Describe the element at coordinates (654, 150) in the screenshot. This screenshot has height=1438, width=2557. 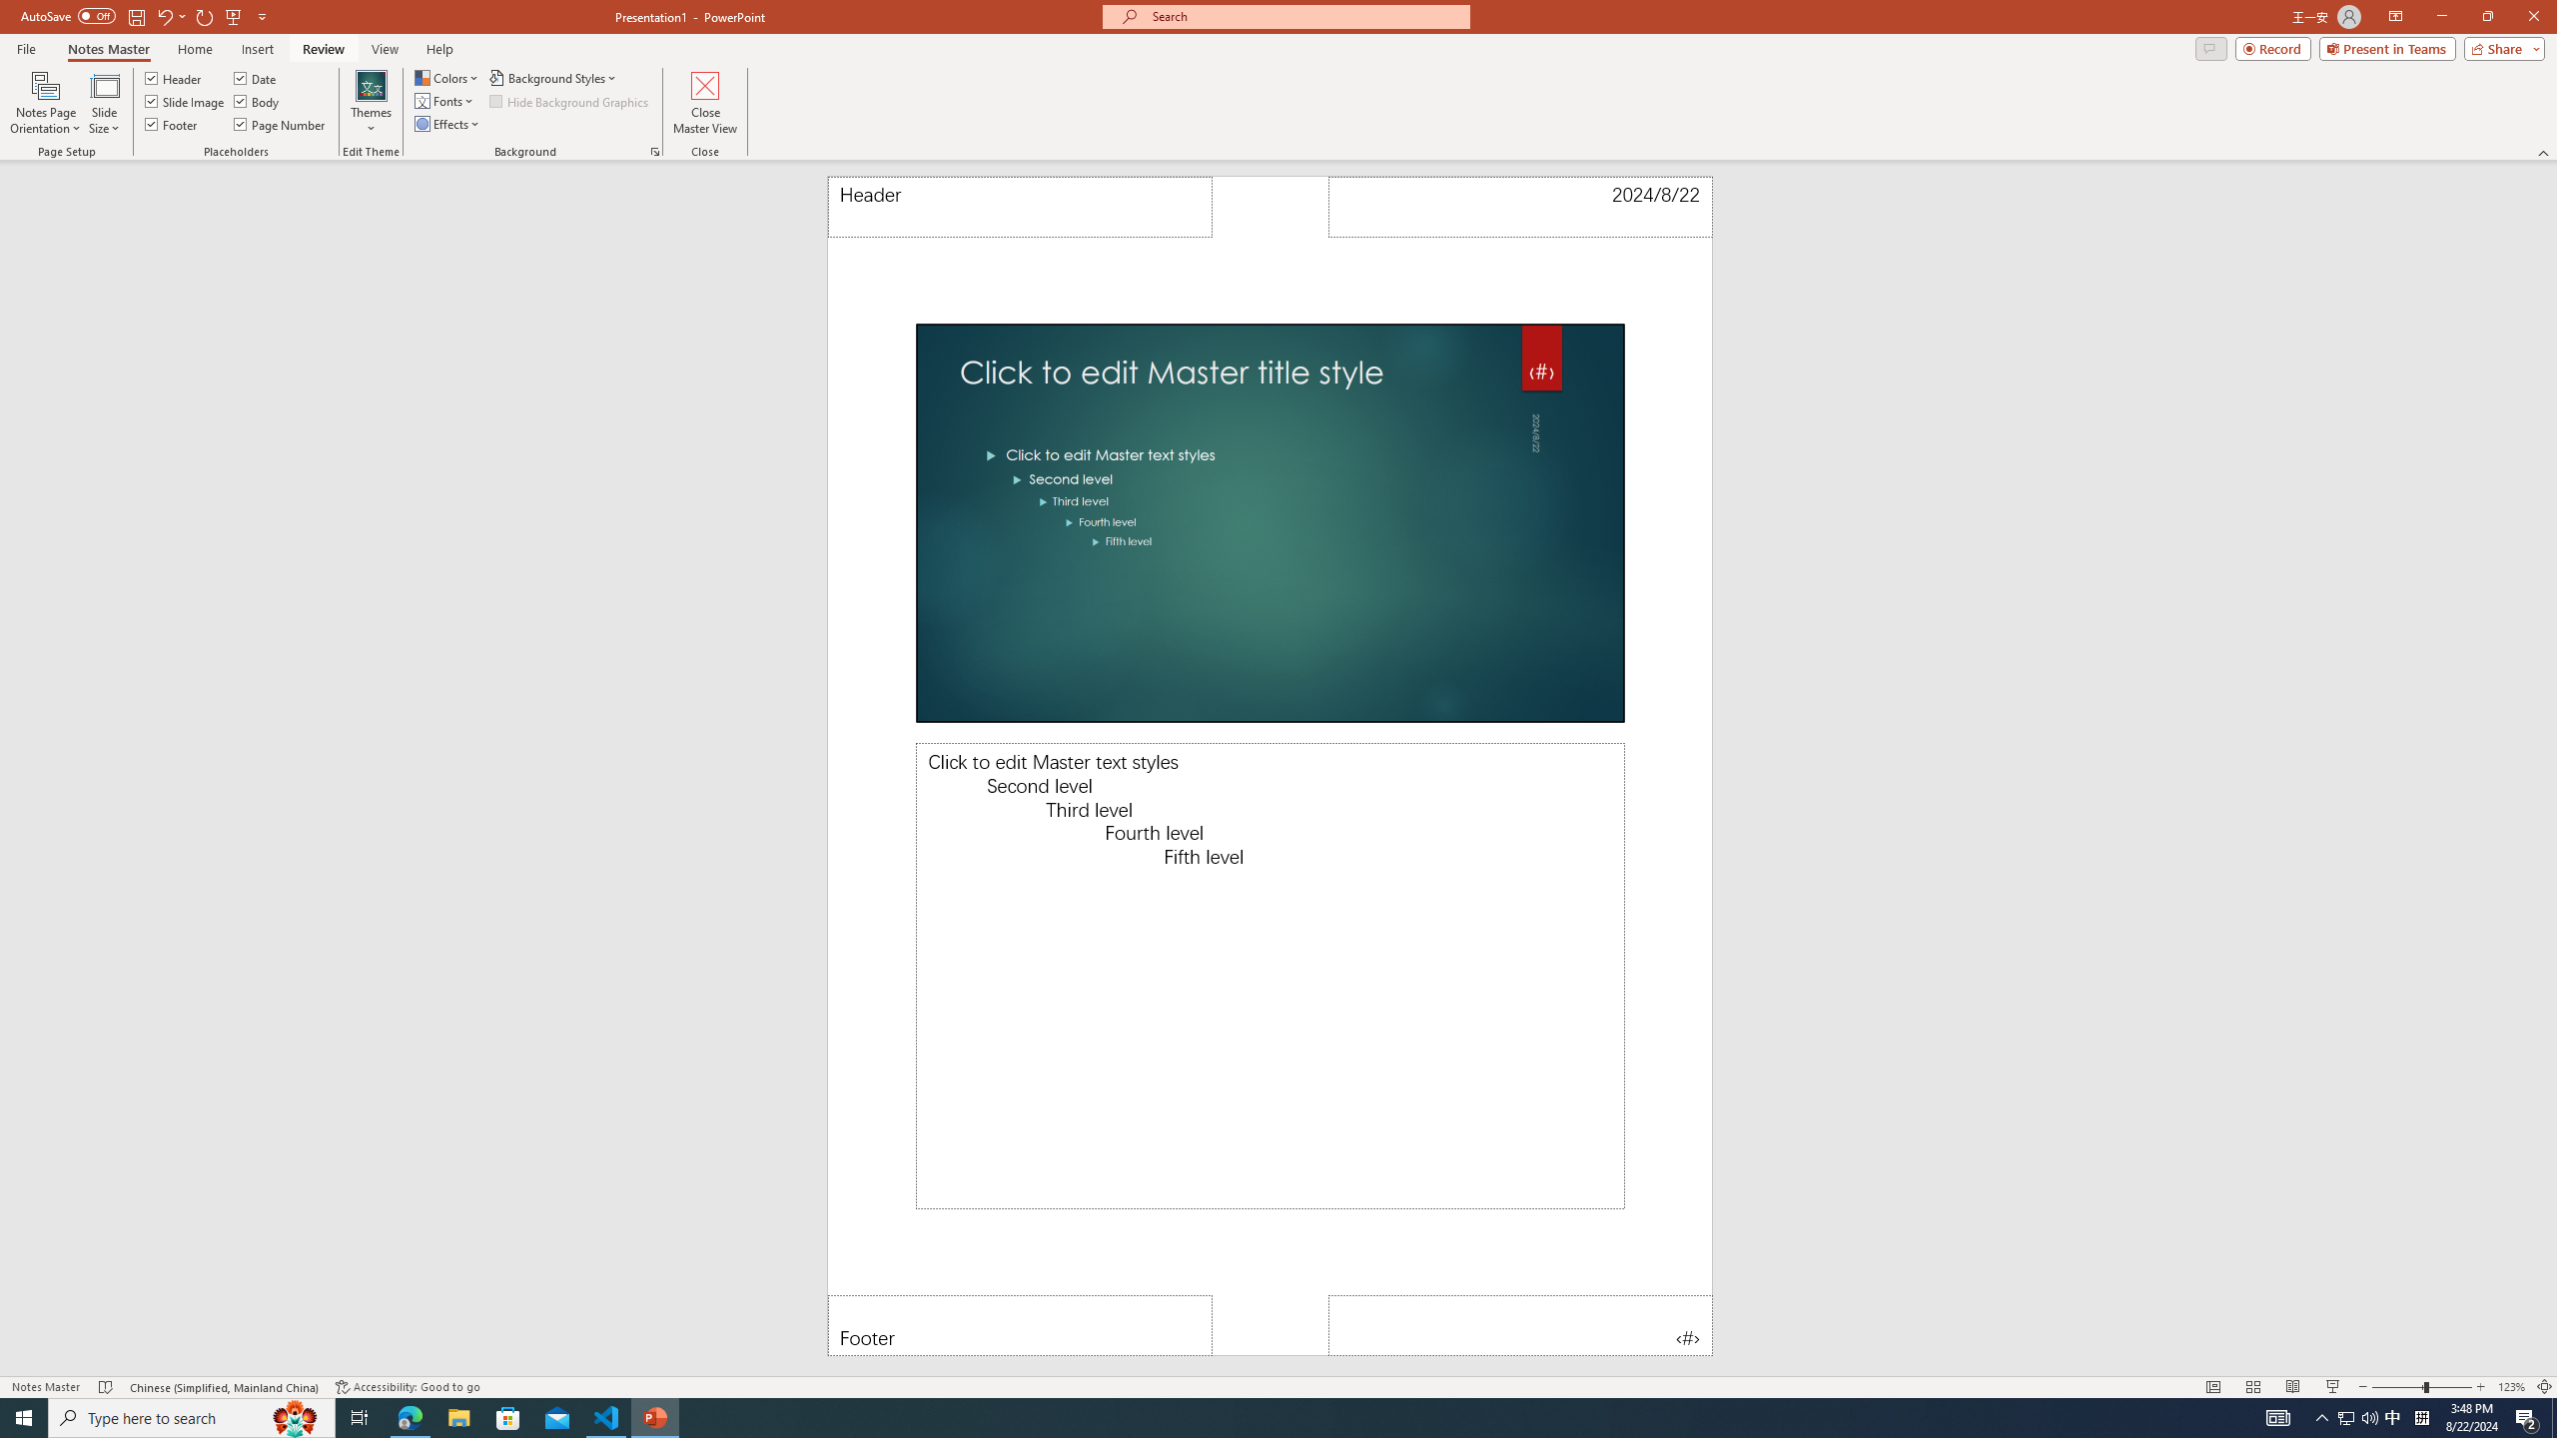
I see `'Format Background...'` at that location.